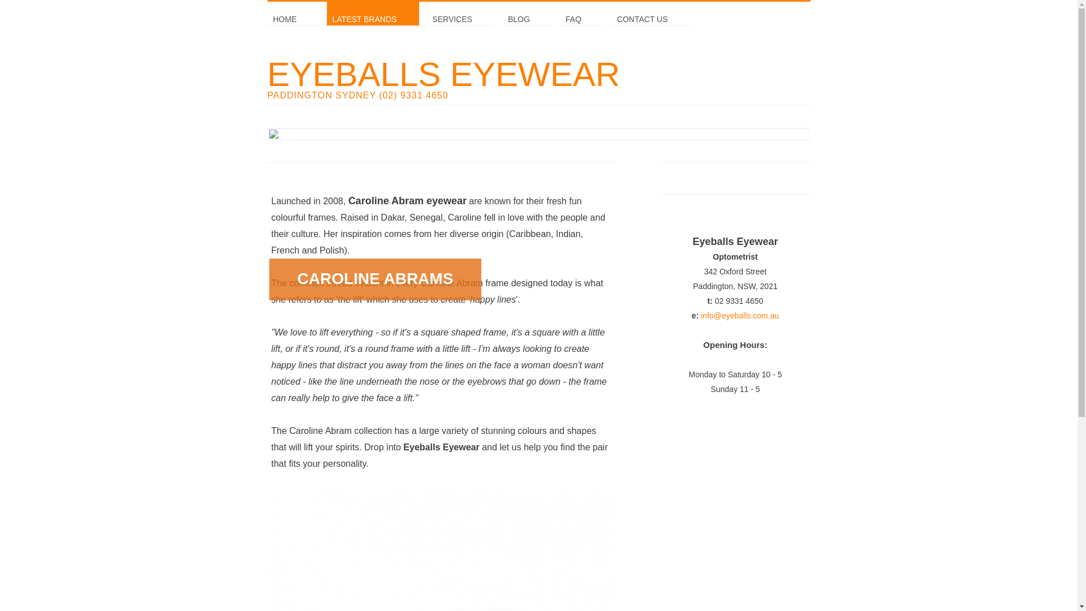 The height and width of the screenshot is (611, 1086). I want to click on 'info@eyeballs.com.au', so click(739, 316).